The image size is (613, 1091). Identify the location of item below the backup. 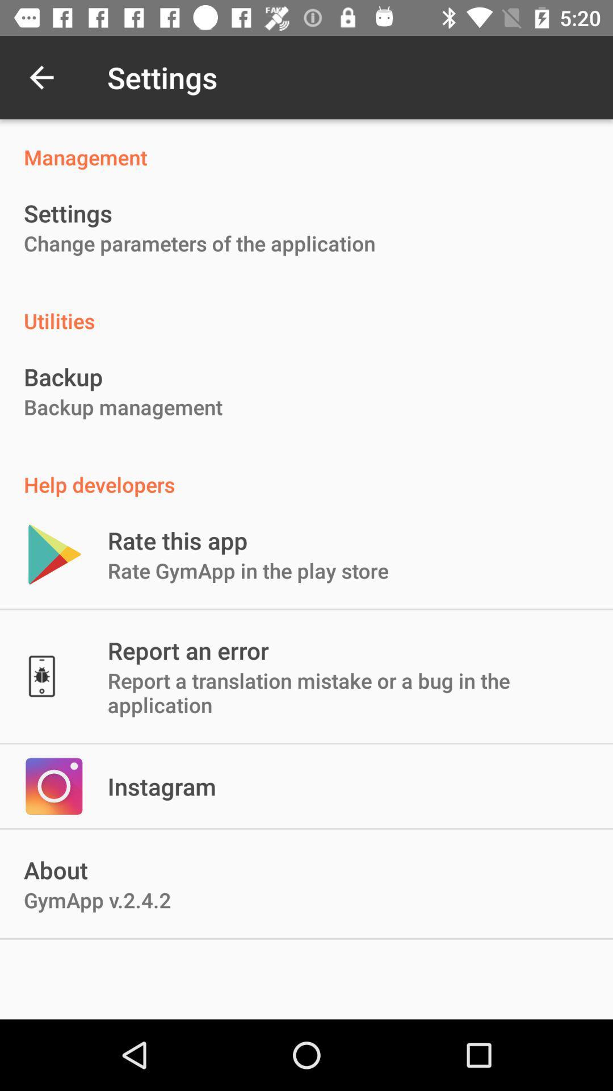
(123, 407).